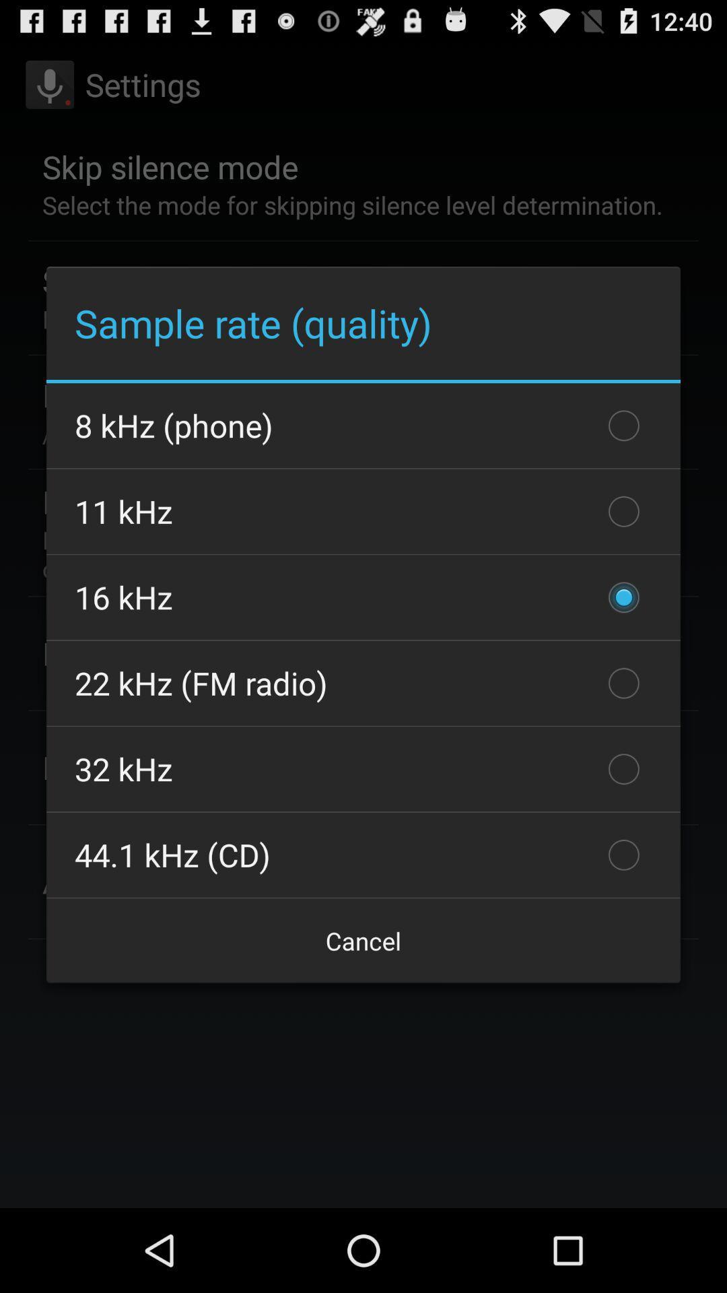 The height and width of the screenshot is (1293, 727). Describe the element at coordinates (363, 940) in the screenshot. I see `the checkbox below 44 1 khz icon` at that location.